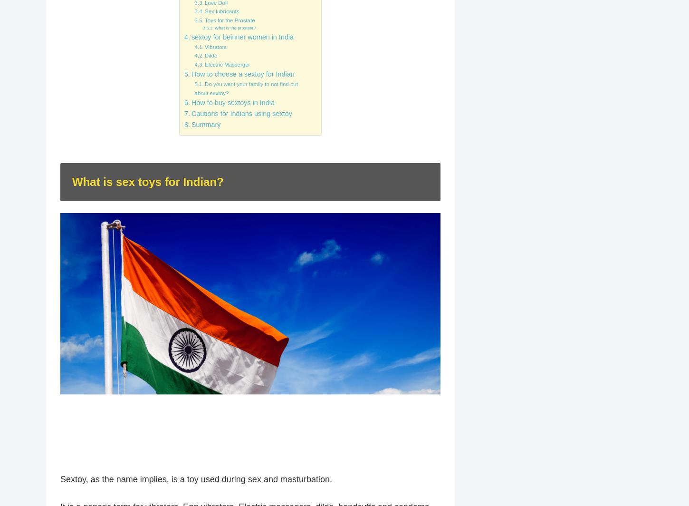 This screenshot has height=506, width=689. I want to click on 'How to choose a sextoy for Indian', so click(242, 74).